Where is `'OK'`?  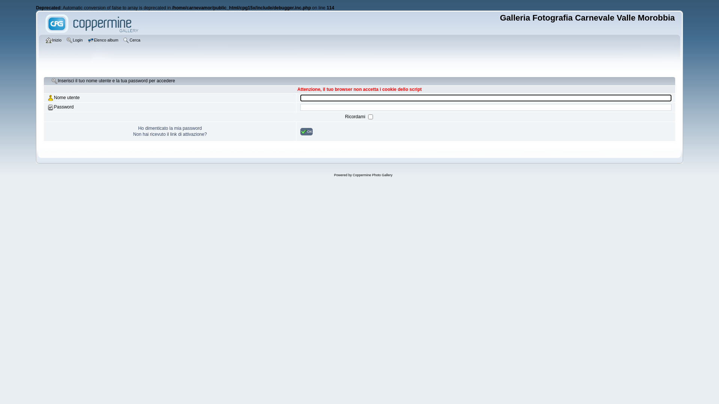
'OK' is located at coordinates (306, 131).